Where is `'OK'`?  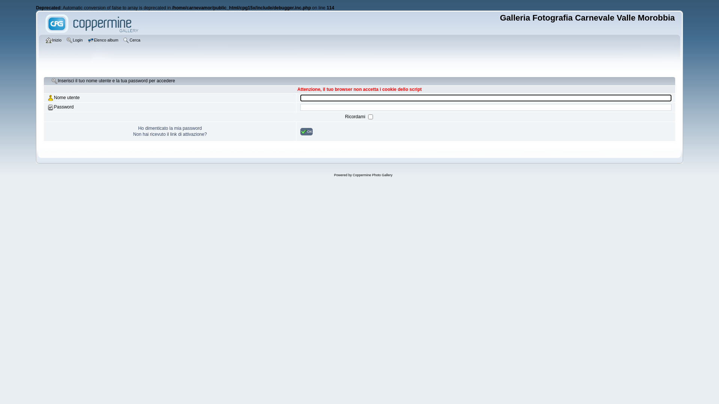
'OK' is located at coordinates (306, 131).